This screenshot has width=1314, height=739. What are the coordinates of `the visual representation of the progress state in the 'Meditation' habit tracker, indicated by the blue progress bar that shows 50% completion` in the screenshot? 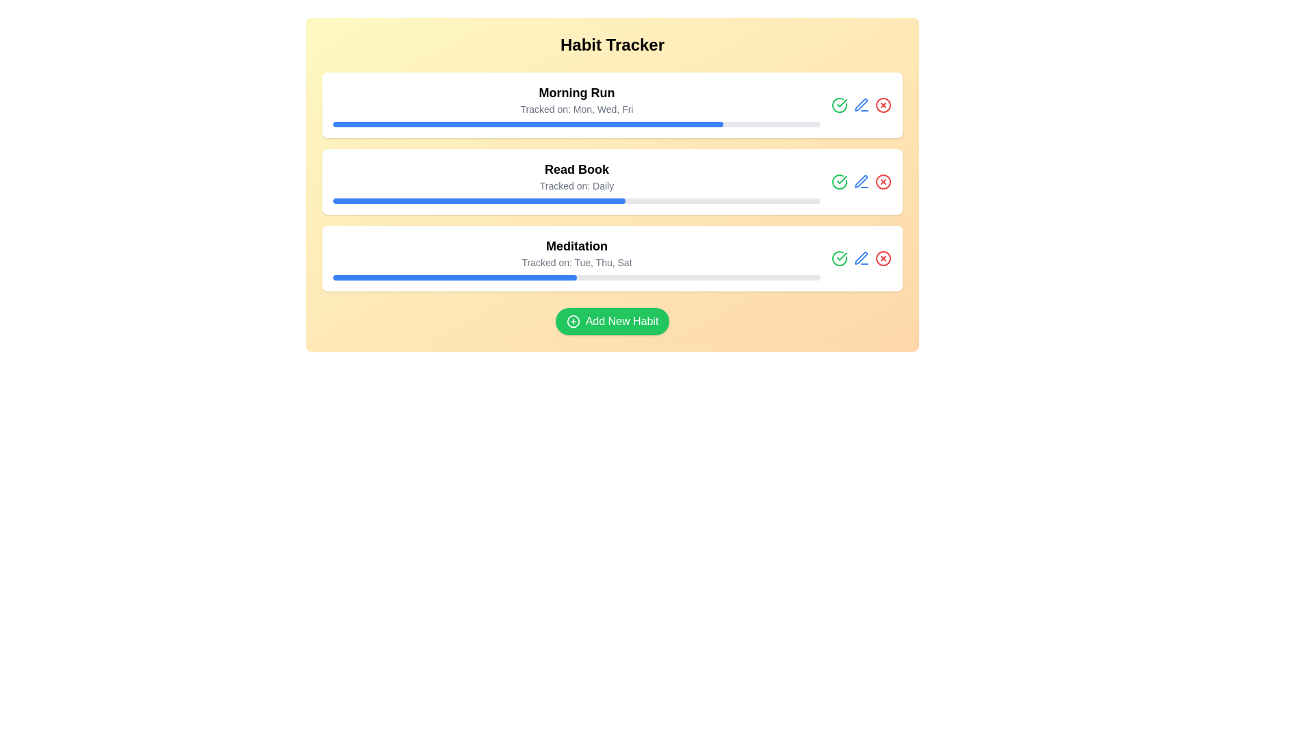 It's located at (455, 277).